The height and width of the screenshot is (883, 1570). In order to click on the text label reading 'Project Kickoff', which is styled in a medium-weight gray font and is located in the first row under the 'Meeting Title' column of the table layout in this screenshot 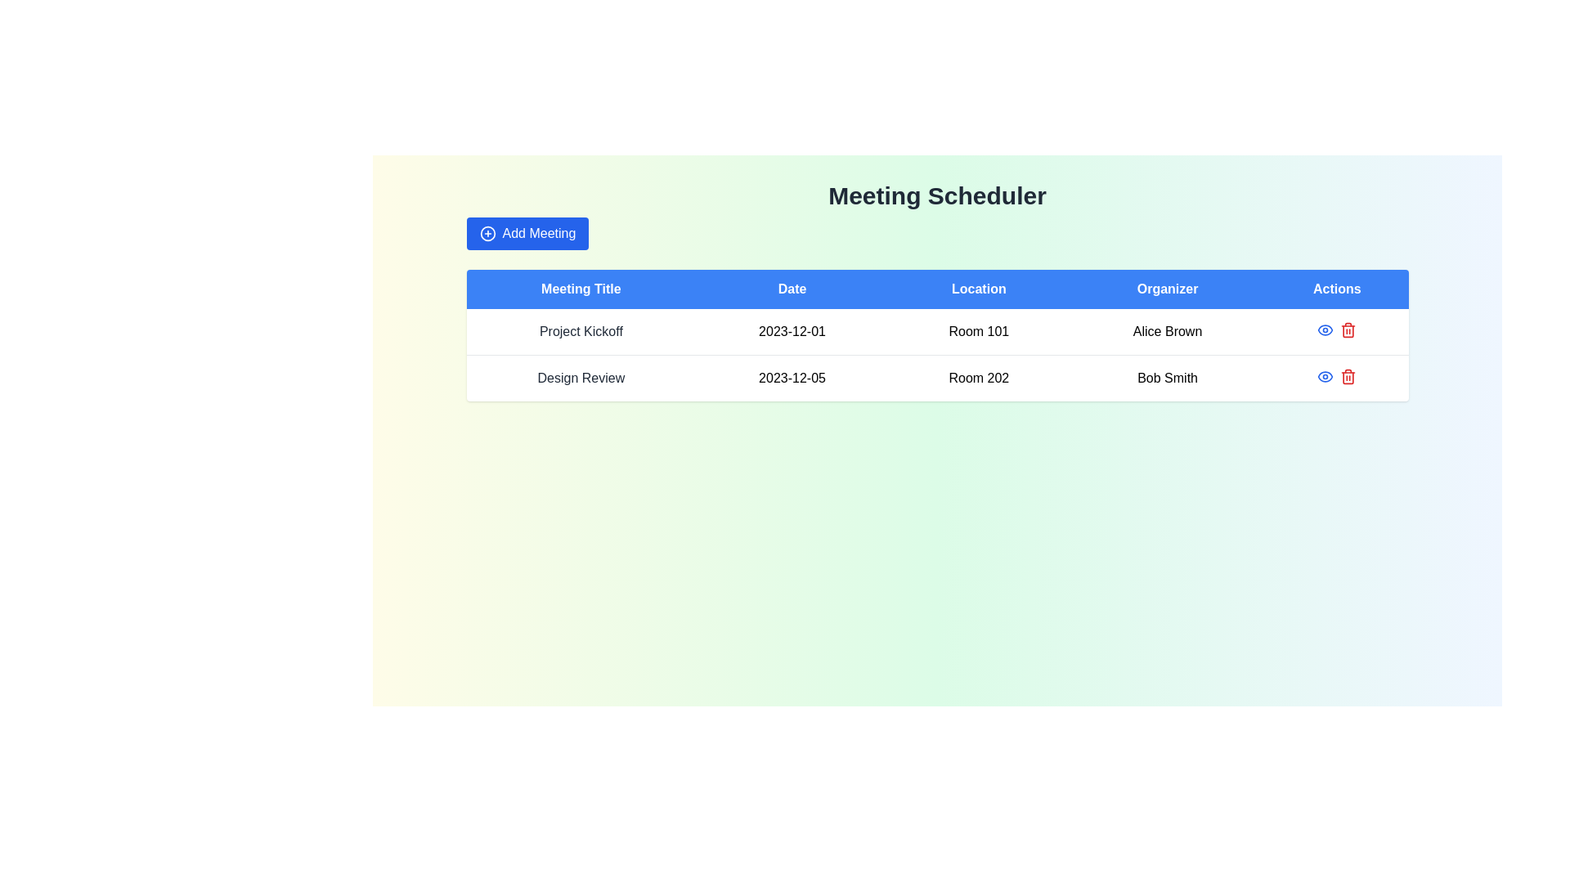, I will do `click(581, 331)`.